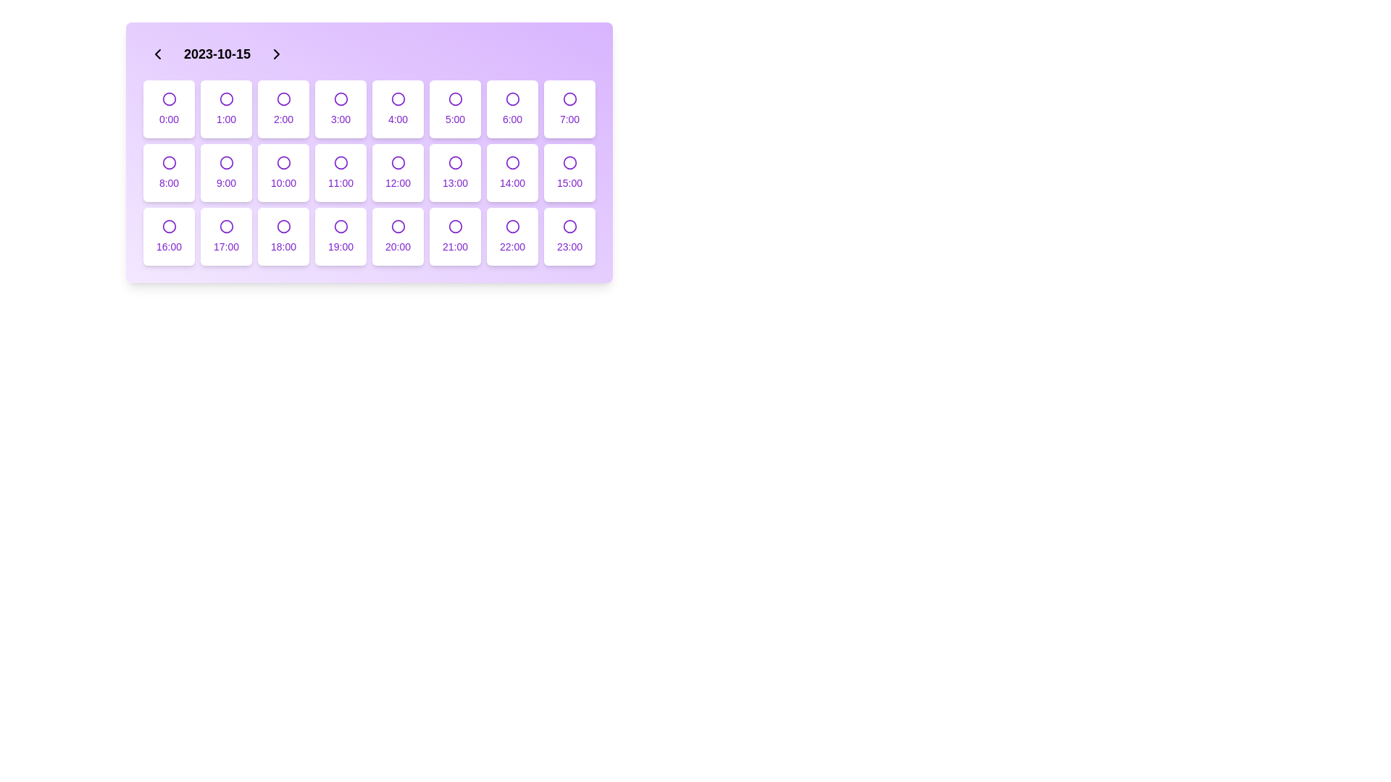 The width and height of the screenshot is (1391, 782). What do you see at coordinates (454, 98) in the screenshot?
I see `the radio button for the '5:00' time slot` at bounding box center [454, 98].